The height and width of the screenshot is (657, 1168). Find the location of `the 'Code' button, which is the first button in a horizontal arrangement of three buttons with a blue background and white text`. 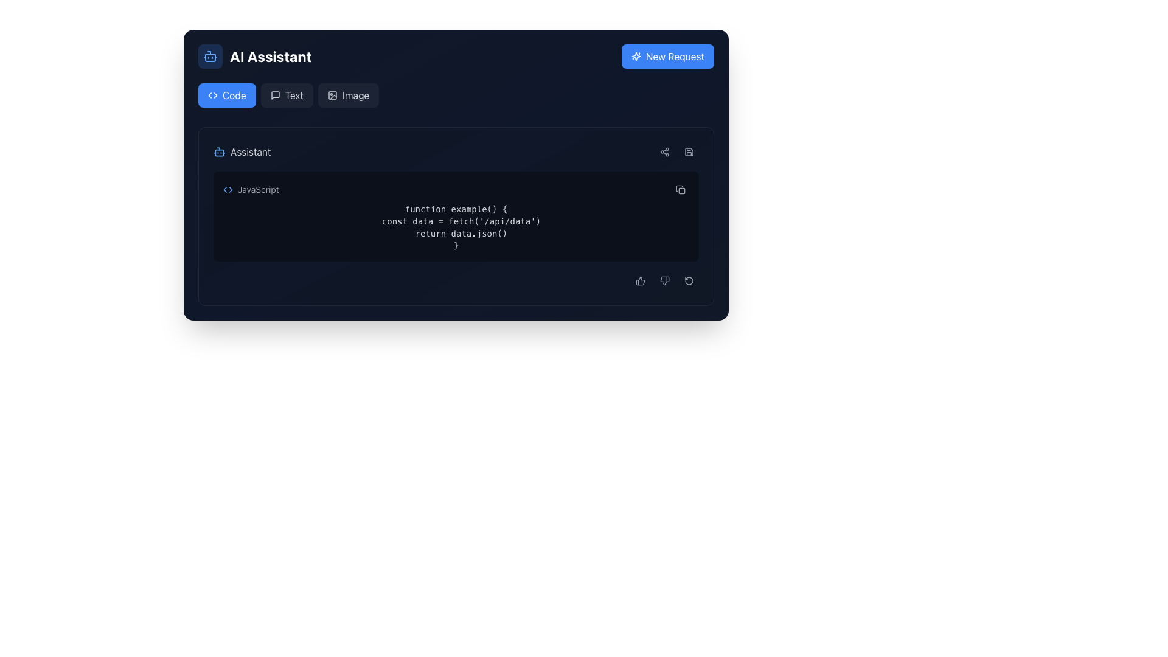

the 'Code' button, which is the first button in a horizontal arrangement of three buttons with a blue background and white text is located at coordinates (227, 95).